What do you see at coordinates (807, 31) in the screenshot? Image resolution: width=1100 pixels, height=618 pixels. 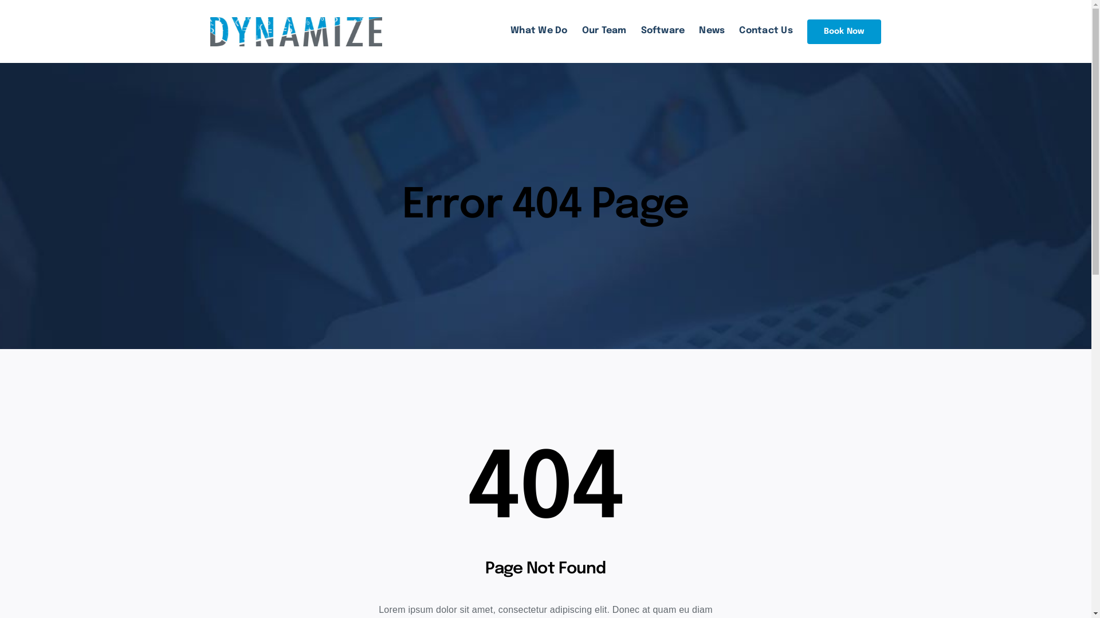 I see `'Book Now'` at bounding box center [807, 31].